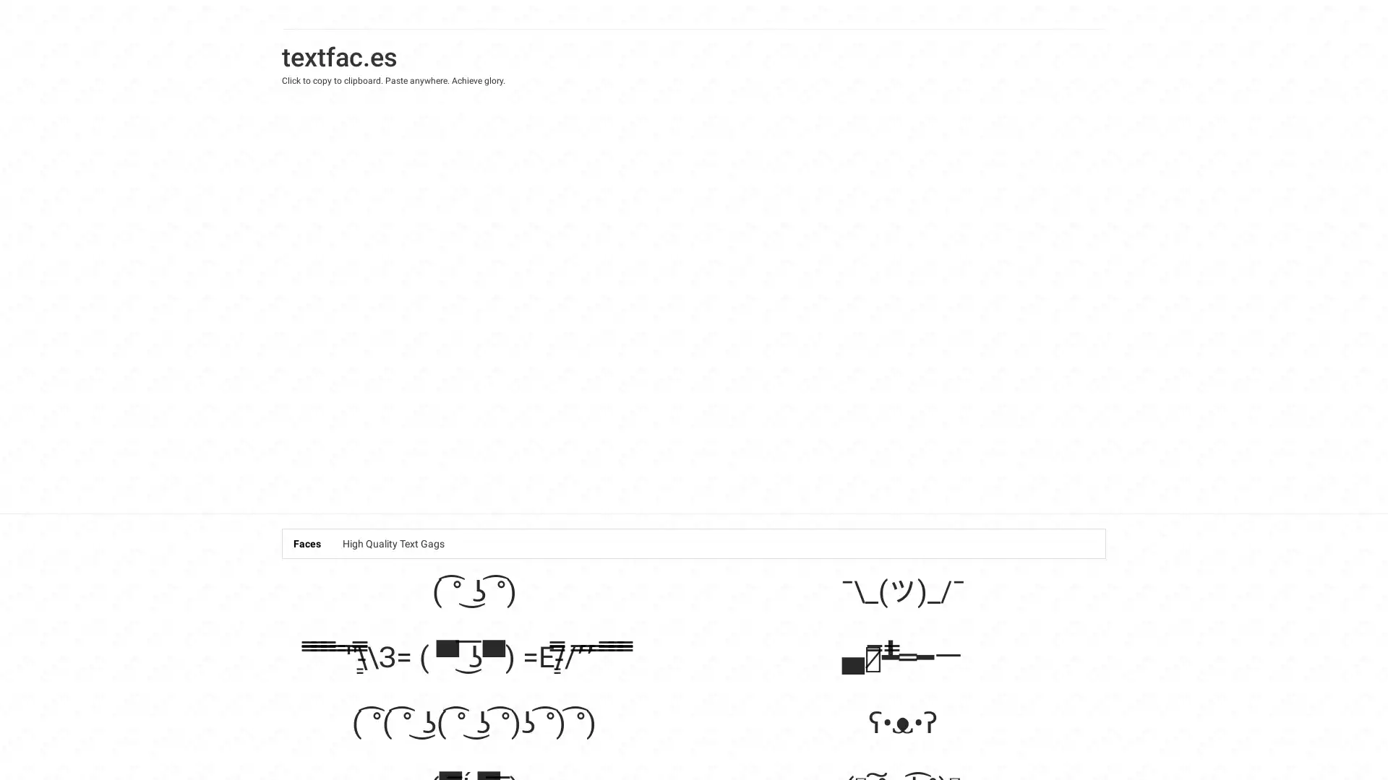 This screenshot has height=780, width=1388. Describe the element at coordinates (901, 591) in the screenshot. I see `\_()_/` at that location.